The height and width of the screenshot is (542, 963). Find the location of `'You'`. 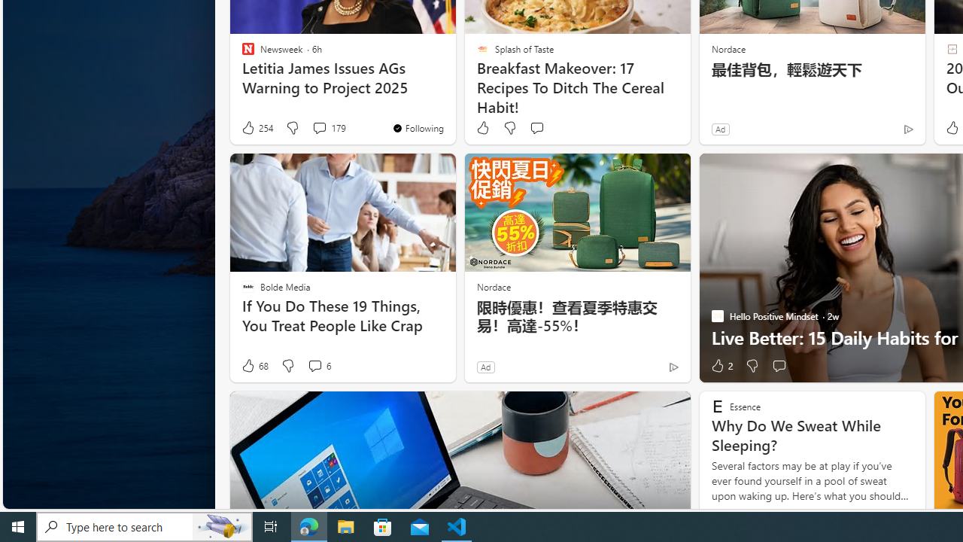

'You' is located at coordinates (418, 126).